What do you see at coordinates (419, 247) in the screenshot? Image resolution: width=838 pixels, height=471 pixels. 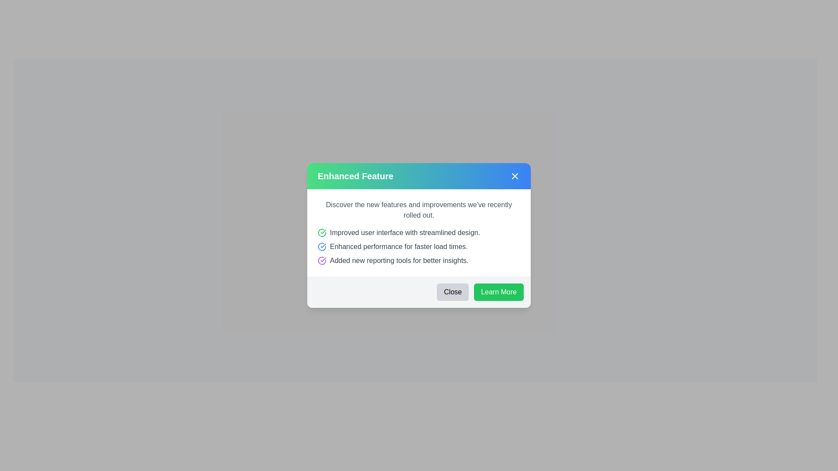 I see `the list item with text 'Enhanced performance for faster load times.' and a blue checkmark icon in the dialog titled 'Enhanced Feature.'` at bounding box center [419, 247].